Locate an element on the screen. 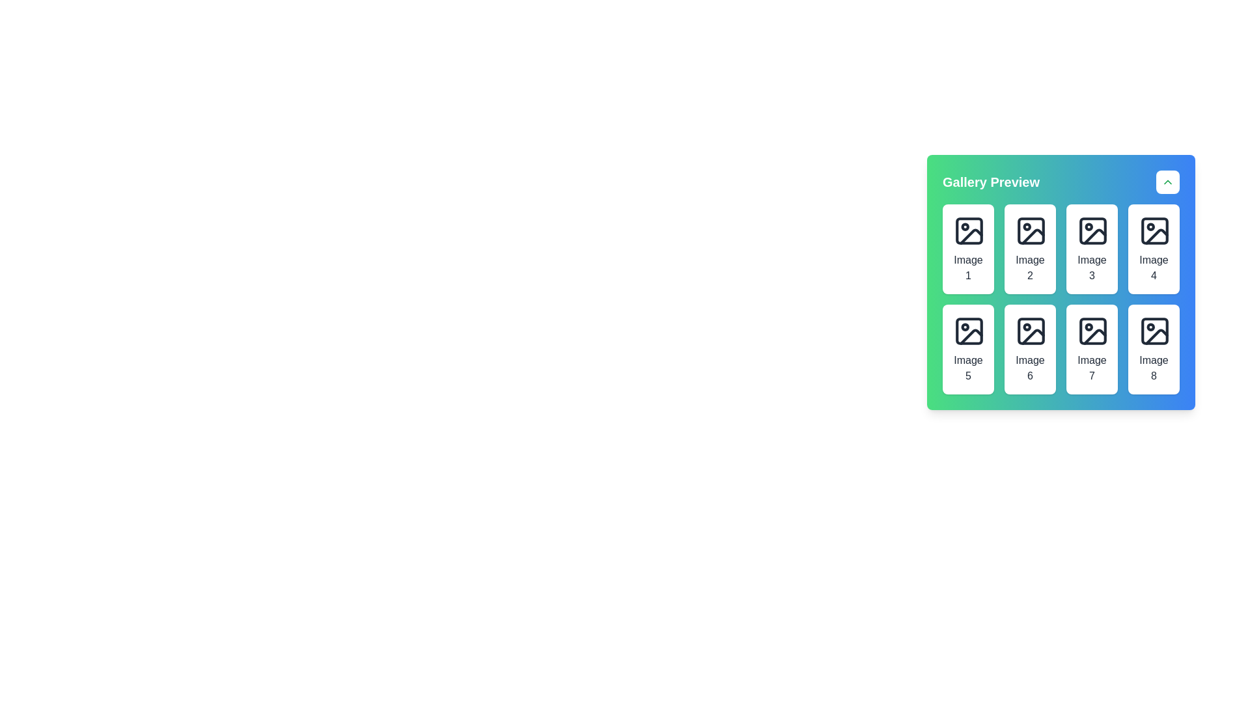  the graphical icon with slightly rounded corners inside the 'Image 8' icon in the 'Gallery Preview' grid is located at coordinates (1155, 331).